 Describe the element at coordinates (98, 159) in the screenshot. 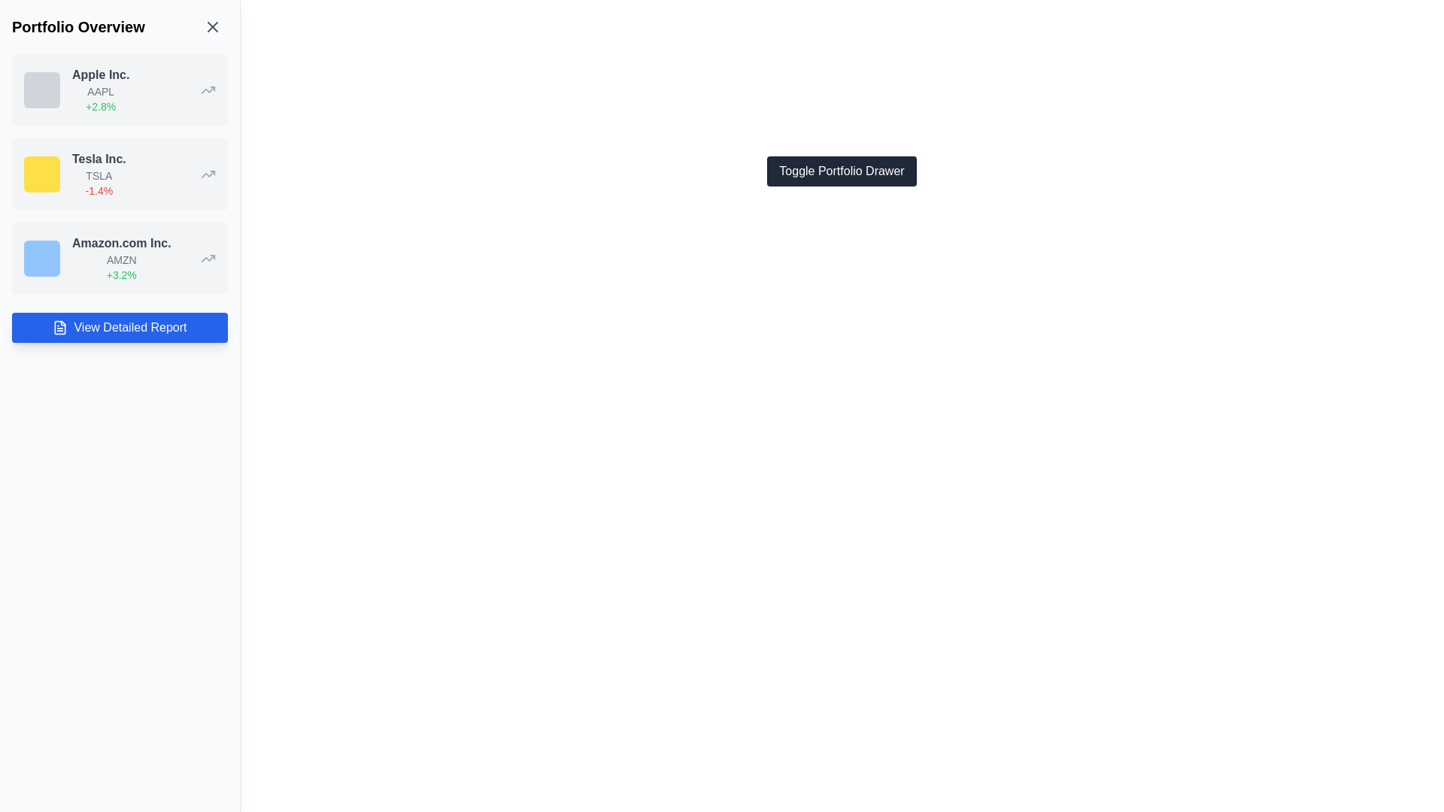

I see `the Text Label displaying the company name 'Tesla Inc.' located at the top of the mid-tier card in the vertical list of company cards` at that location.